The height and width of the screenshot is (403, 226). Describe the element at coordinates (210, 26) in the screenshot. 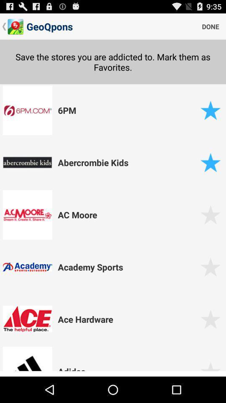

I see `done item` at that location.